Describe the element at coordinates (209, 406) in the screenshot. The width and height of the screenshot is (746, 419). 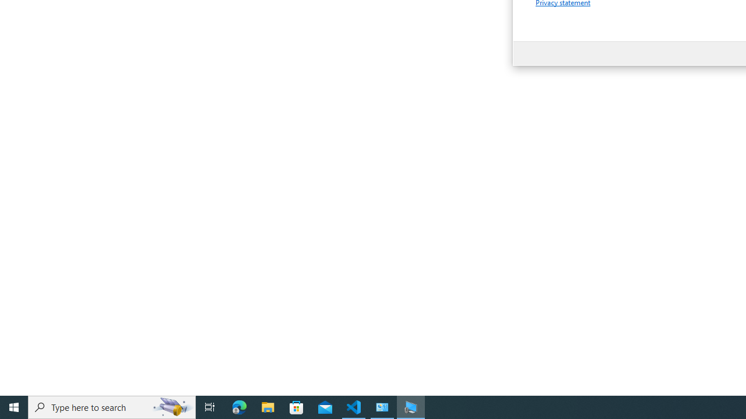
I see `'Task View'` at that location.